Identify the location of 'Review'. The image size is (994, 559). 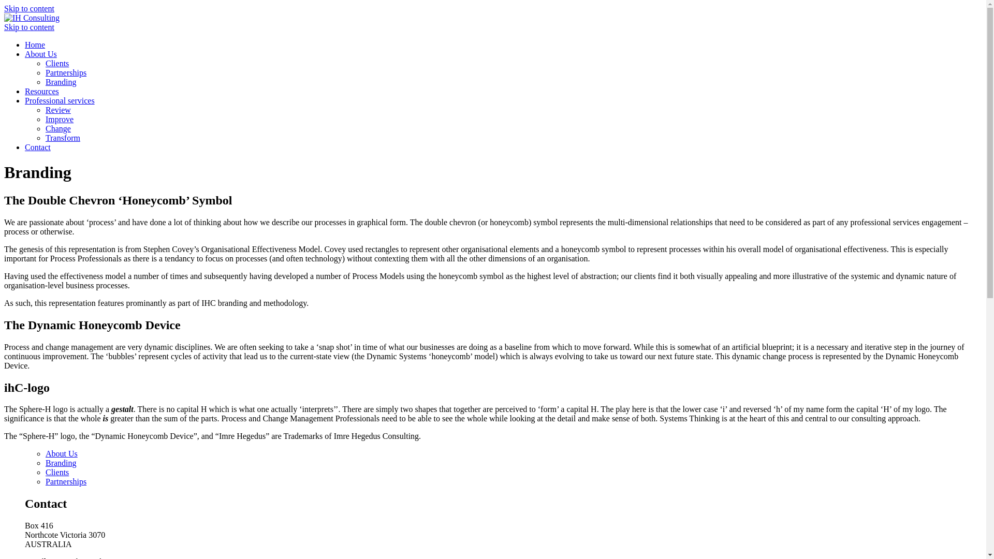
(57, 110).